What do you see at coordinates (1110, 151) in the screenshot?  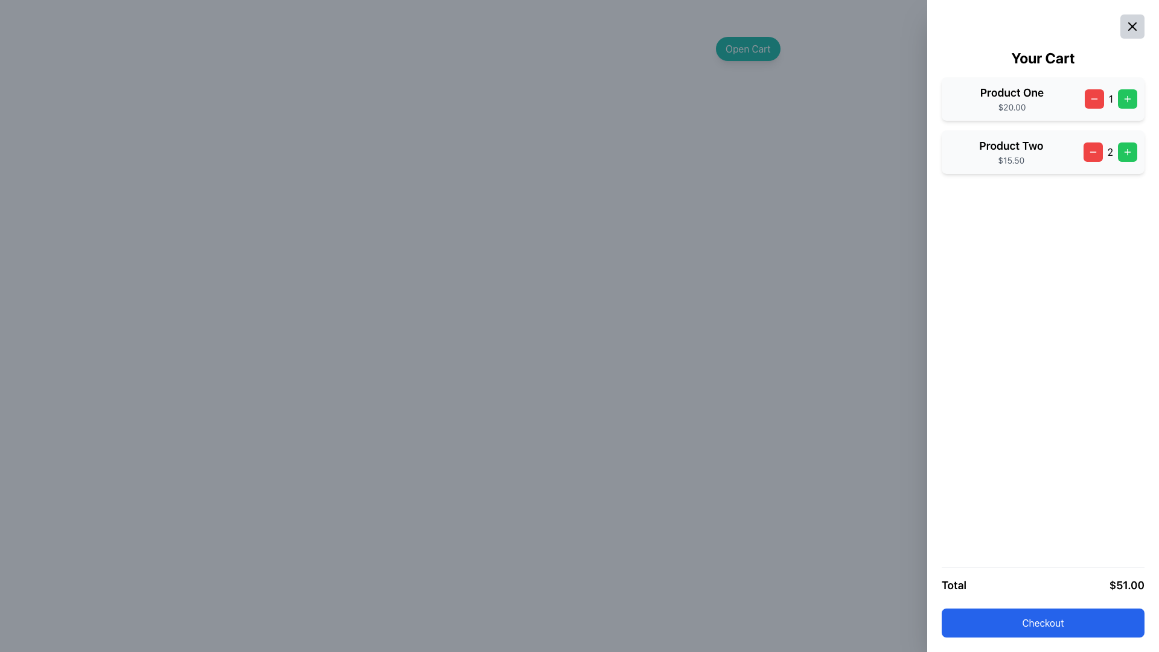 I see `current quantity displayed in the Static Display for 'Product Two' located in the cart summary panel, situated between the decrement and increment controls` at bounding box center [1110, 151].